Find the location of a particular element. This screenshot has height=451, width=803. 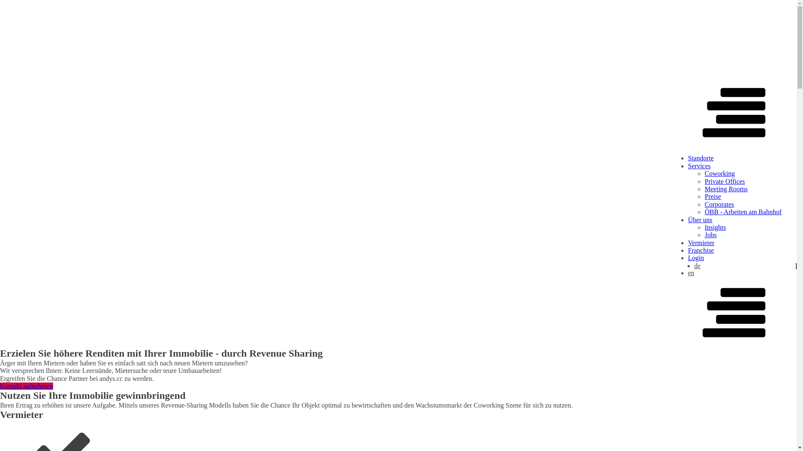

'Preise' is located at coordinates (712, 196).